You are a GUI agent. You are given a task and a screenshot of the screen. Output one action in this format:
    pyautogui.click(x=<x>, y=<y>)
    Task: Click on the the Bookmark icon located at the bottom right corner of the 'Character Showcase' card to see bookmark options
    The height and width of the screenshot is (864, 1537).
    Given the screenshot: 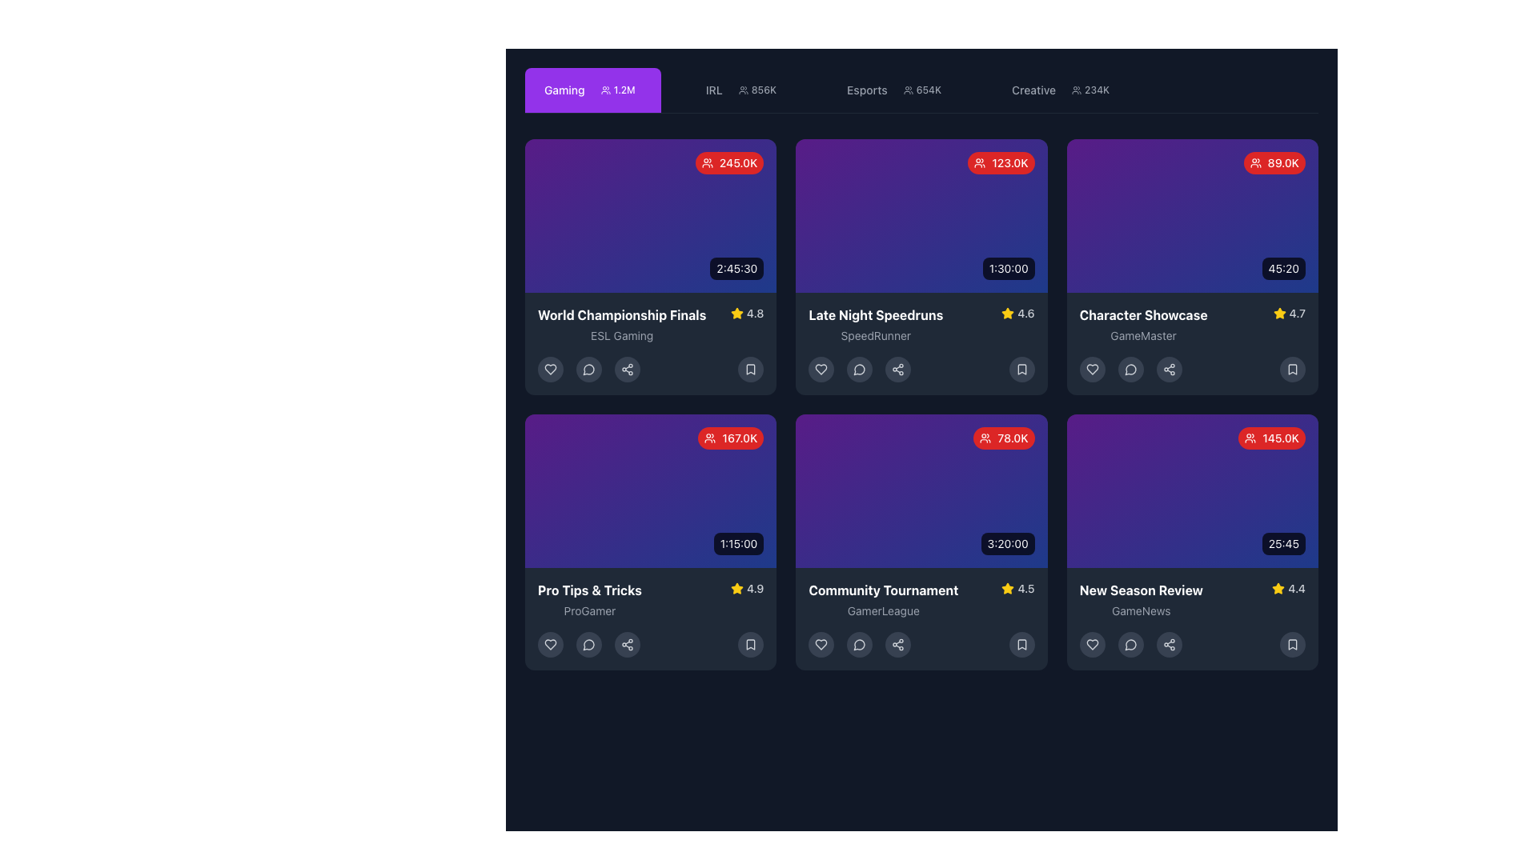 What is the action you would take?
    pyautogui.click(x=1292, y=370)
    